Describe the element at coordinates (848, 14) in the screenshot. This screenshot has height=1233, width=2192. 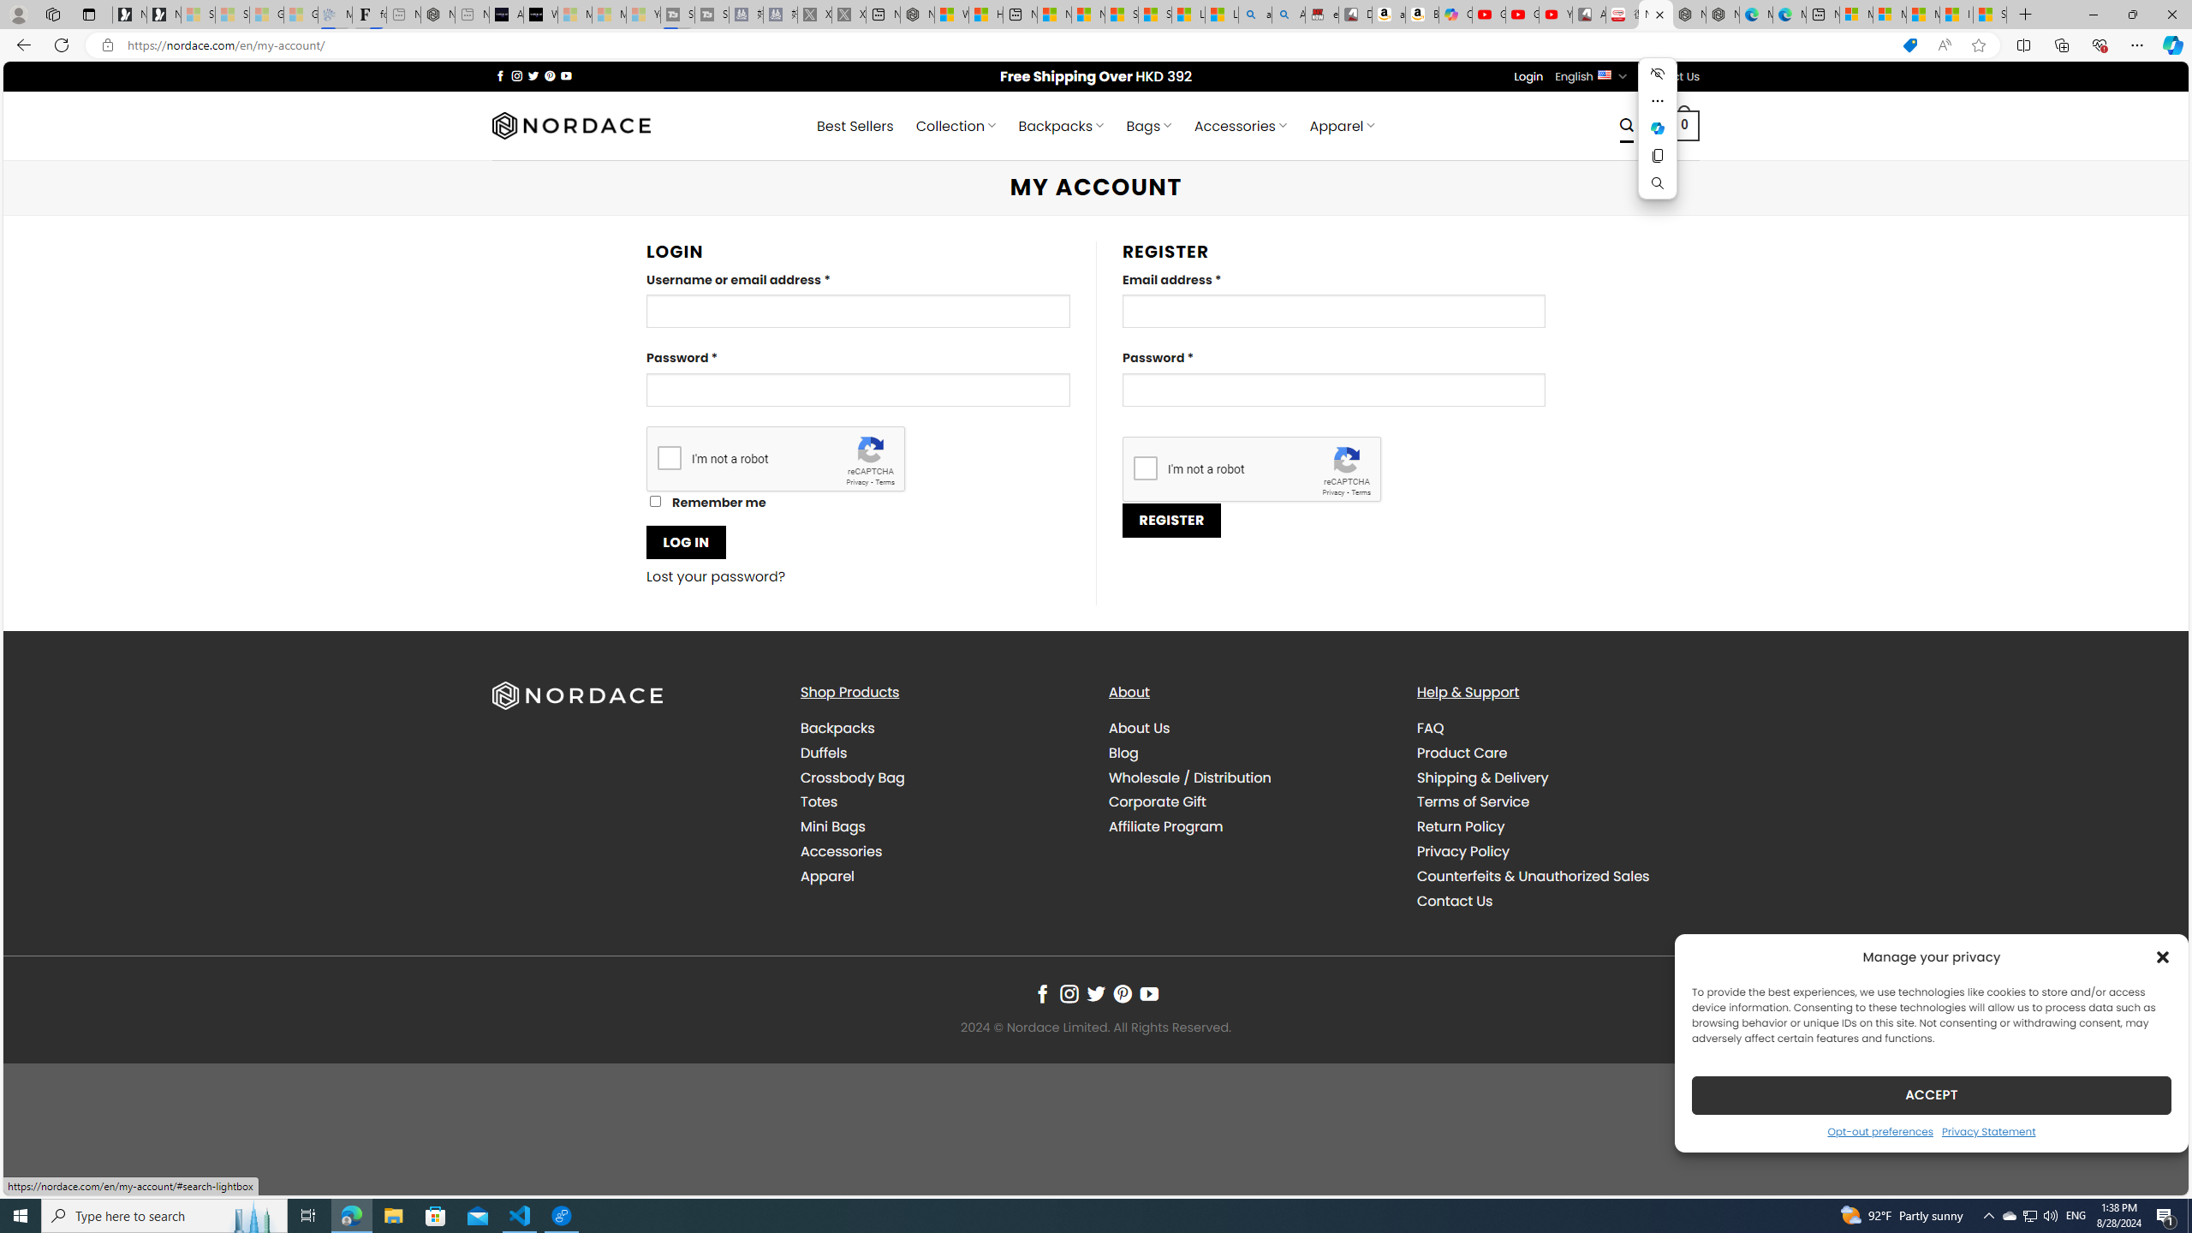
I see `'X - Sleeping'` at that location.